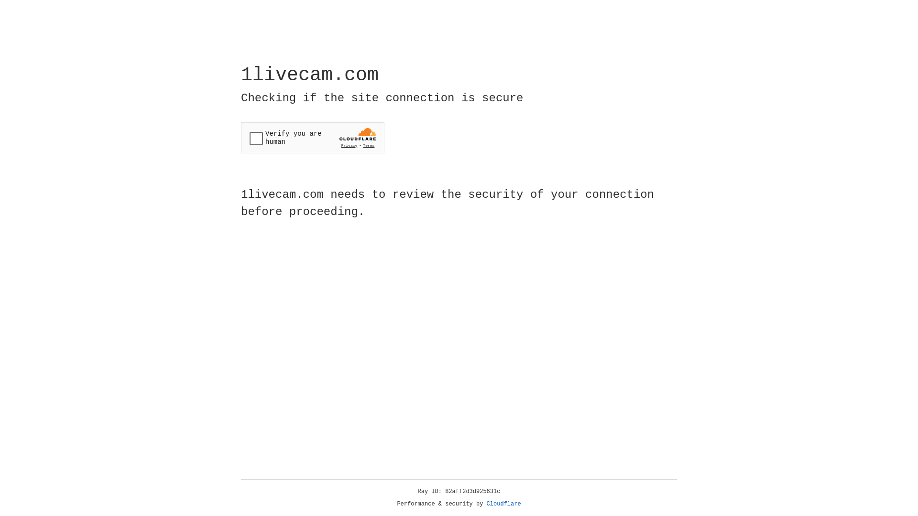 Image resolution: width=918 pixels, height=516 pixels. I want to click on 'Cloudflare', so click(503, 504).